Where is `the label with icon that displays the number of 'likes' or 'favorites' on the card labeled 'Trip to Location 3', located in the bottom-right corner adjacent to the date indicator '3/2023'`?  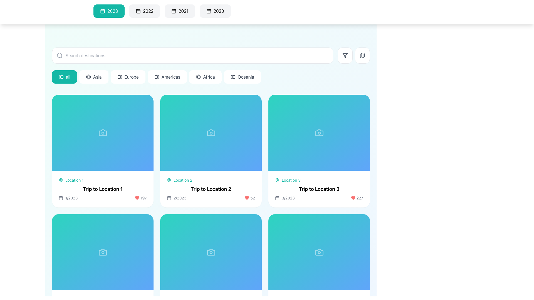 the label with icon that displays the number of 'likes' or 'favorites' on the card labeled 'Trip to Location 3', located in the bottom-right corner adjacent to the date indicator '3/2023' is located at coordinates (357, 197).